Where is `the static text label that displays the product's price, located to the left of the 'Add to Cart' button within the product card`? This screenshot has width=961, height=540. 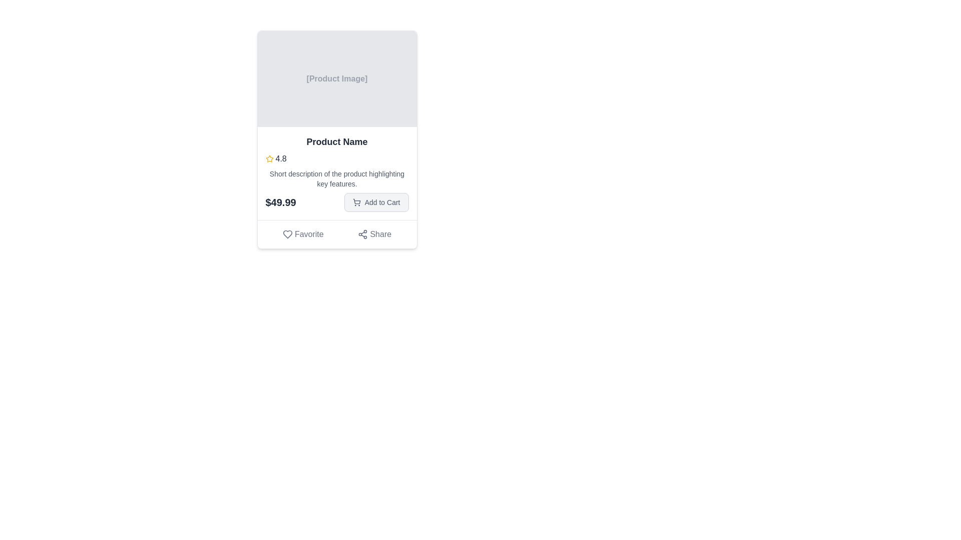 the static text label that displays the product's price, located to the left of the 'Add to Cart' button within the product card is located at coordinates (280, 202).